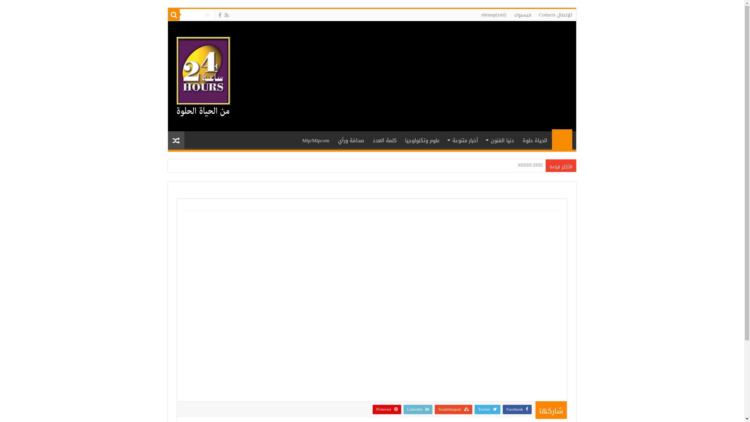  Describe the element at coordinates (372, 409) in the screenshot. I see `'Pinterest'` at that location.